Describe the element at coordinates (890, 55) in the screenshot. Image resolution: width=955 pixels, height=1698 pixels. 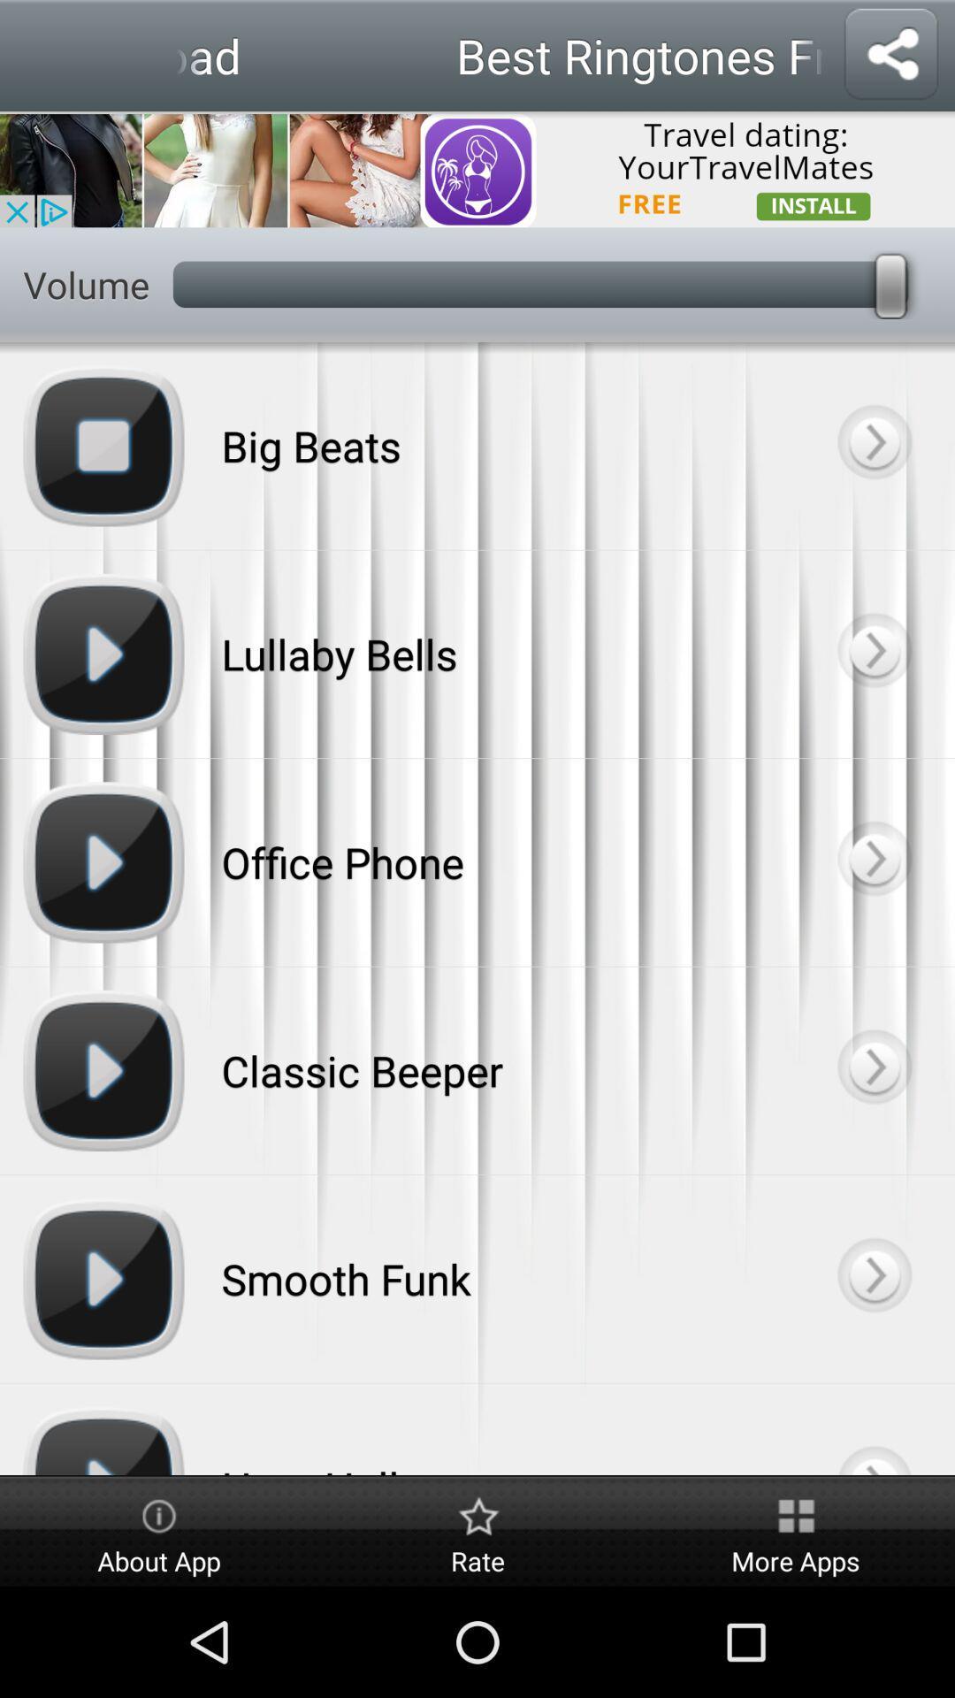
I see `share option` at that location.